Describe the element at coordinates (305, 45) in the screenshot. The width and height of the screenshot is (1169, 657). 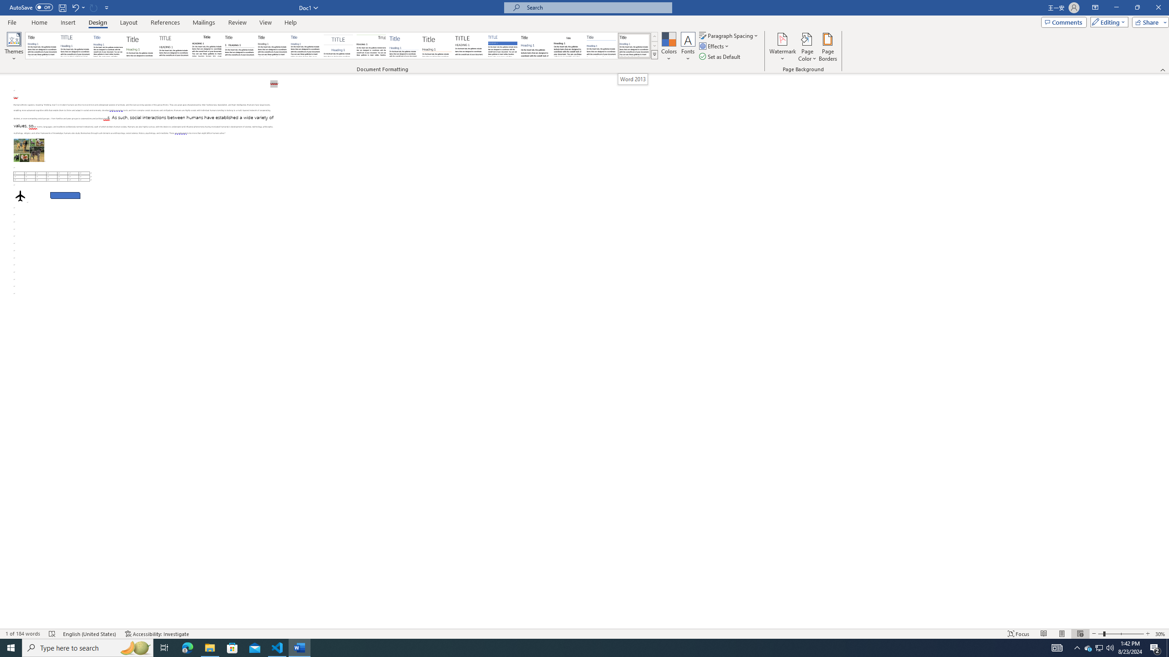
I see `'Casual'` at that location.